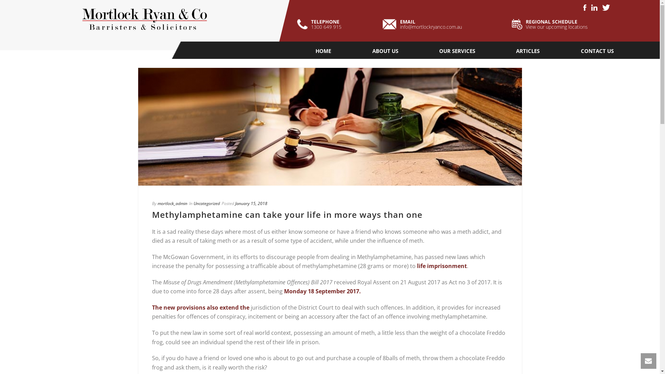  What do you see at coordinates (234, 203) in the screenshot?
I see `'January 15, 2018'` at bounding box center [234, 203].